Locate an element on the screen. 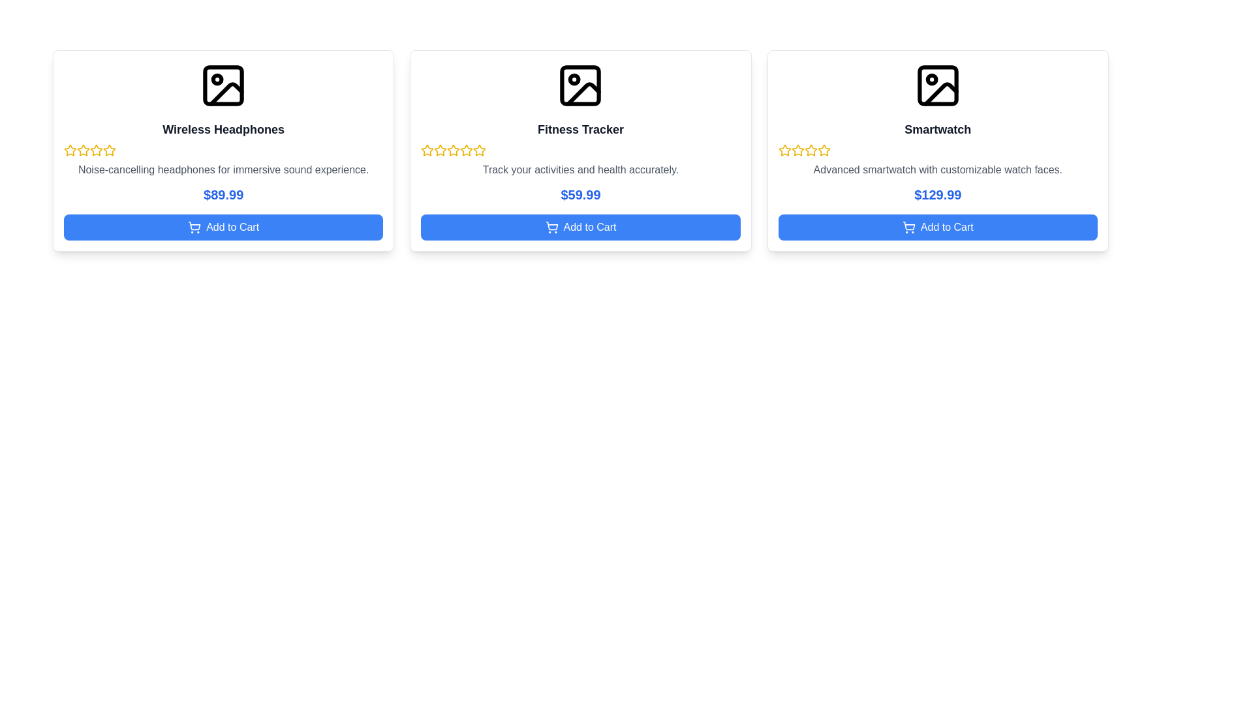 The height and width of the screenshot is (704, 1253). the light gray text reading 'Track your activities and health accurately.' located below the 'Fitness Tracker' title and above the '$59.99' price in the product card is located at coordinates (580, 169).